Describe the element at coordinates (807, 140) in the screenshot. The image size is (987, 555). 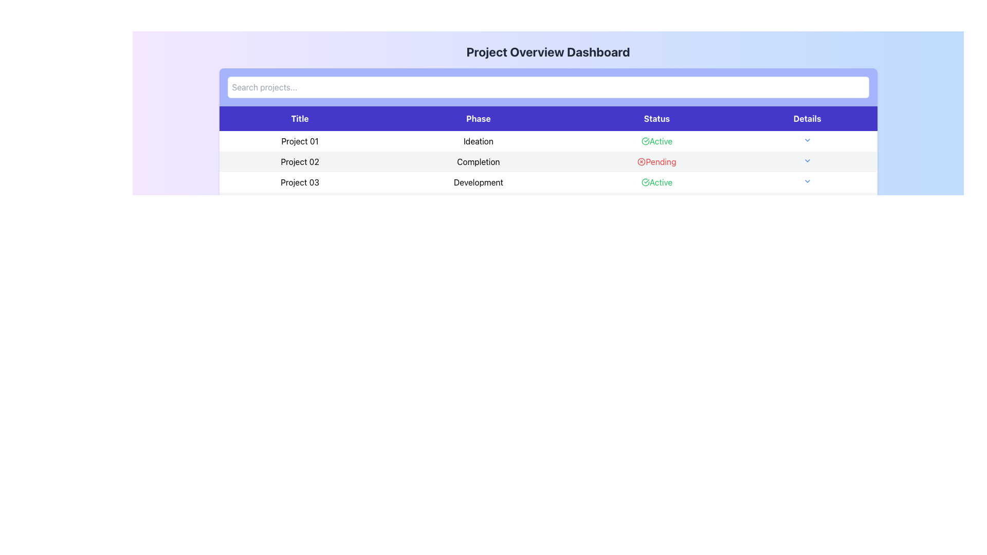
I see `the blue downward arrow icon in the 'Details' column of the first row` at that location.